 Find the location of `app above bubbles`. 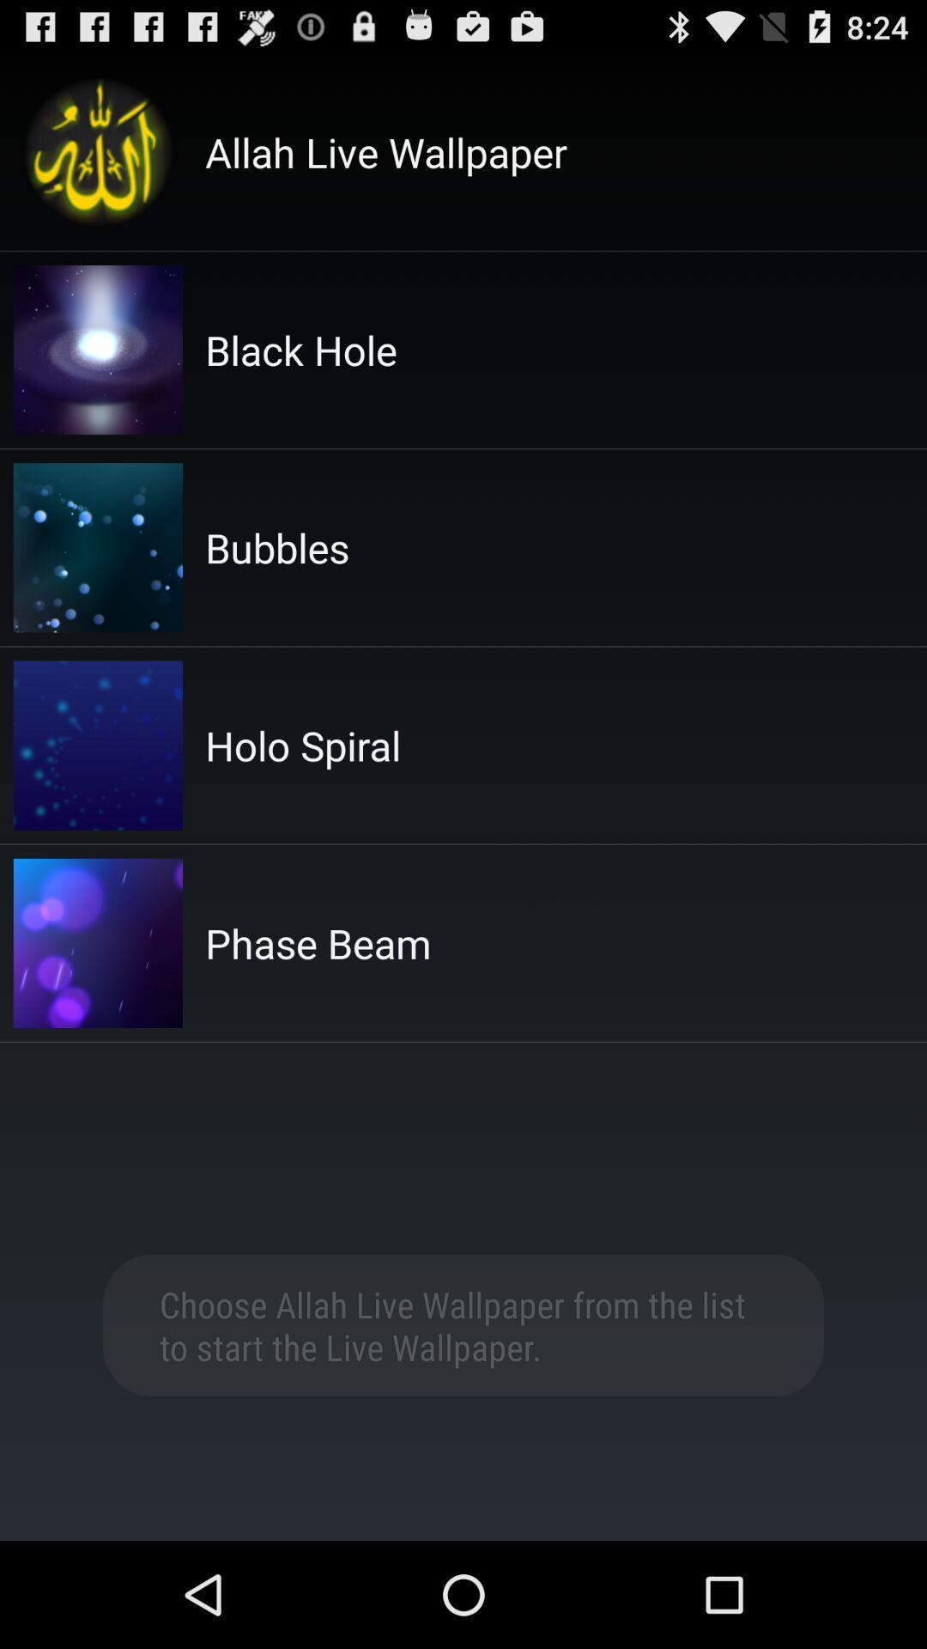

app above bubbles is located at coordinates (300, 349).